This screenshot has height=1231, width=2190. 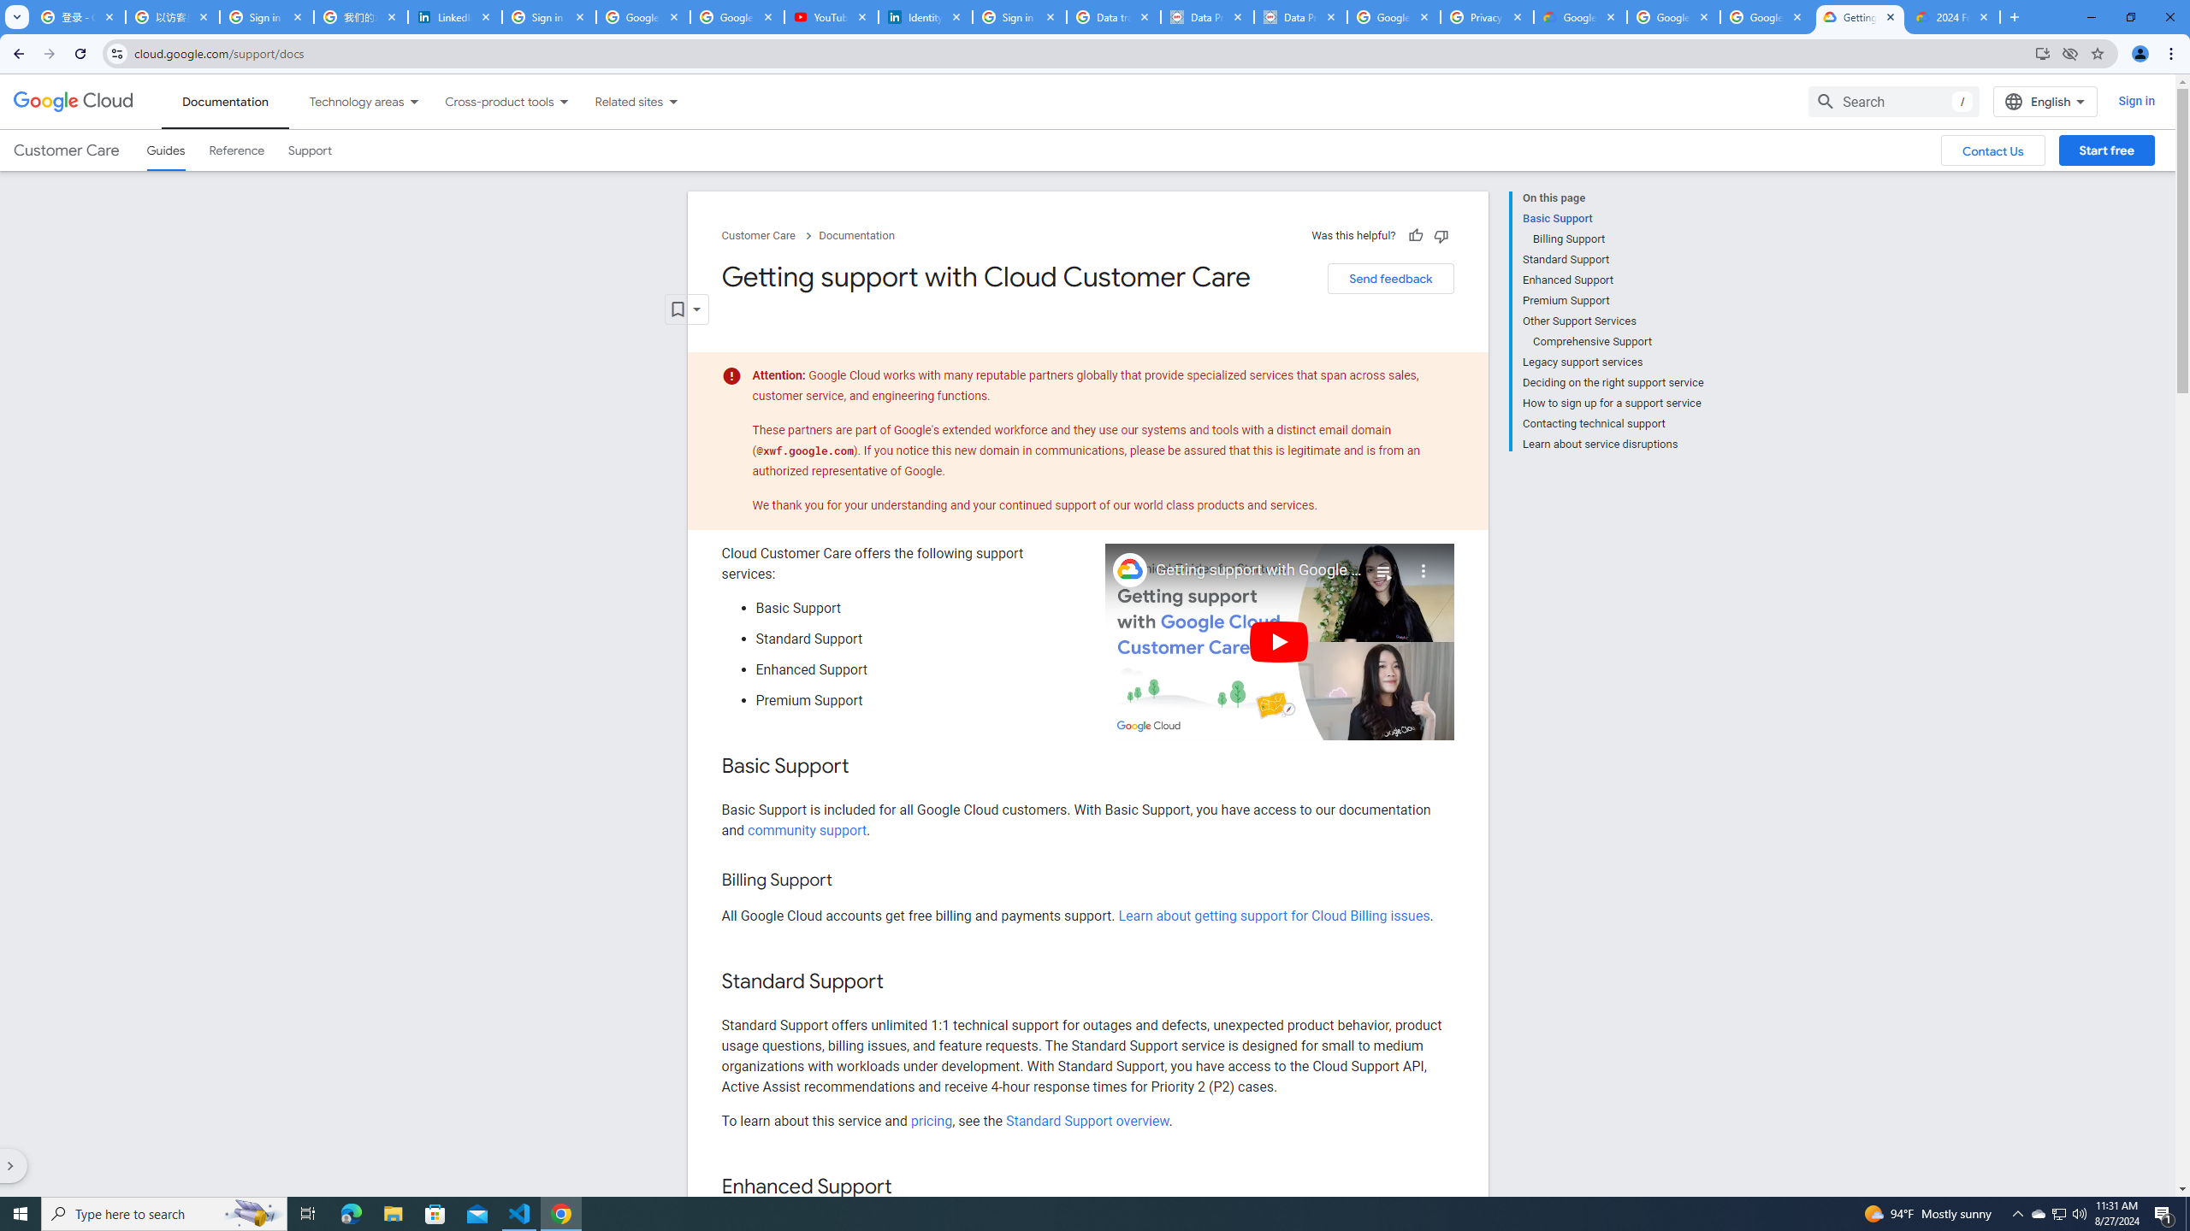 What do you see at coordinates (1672, 16) in the screenshot?
I see `'Google Workspace - Specific Terms'` at bounding box center [1672, 16].